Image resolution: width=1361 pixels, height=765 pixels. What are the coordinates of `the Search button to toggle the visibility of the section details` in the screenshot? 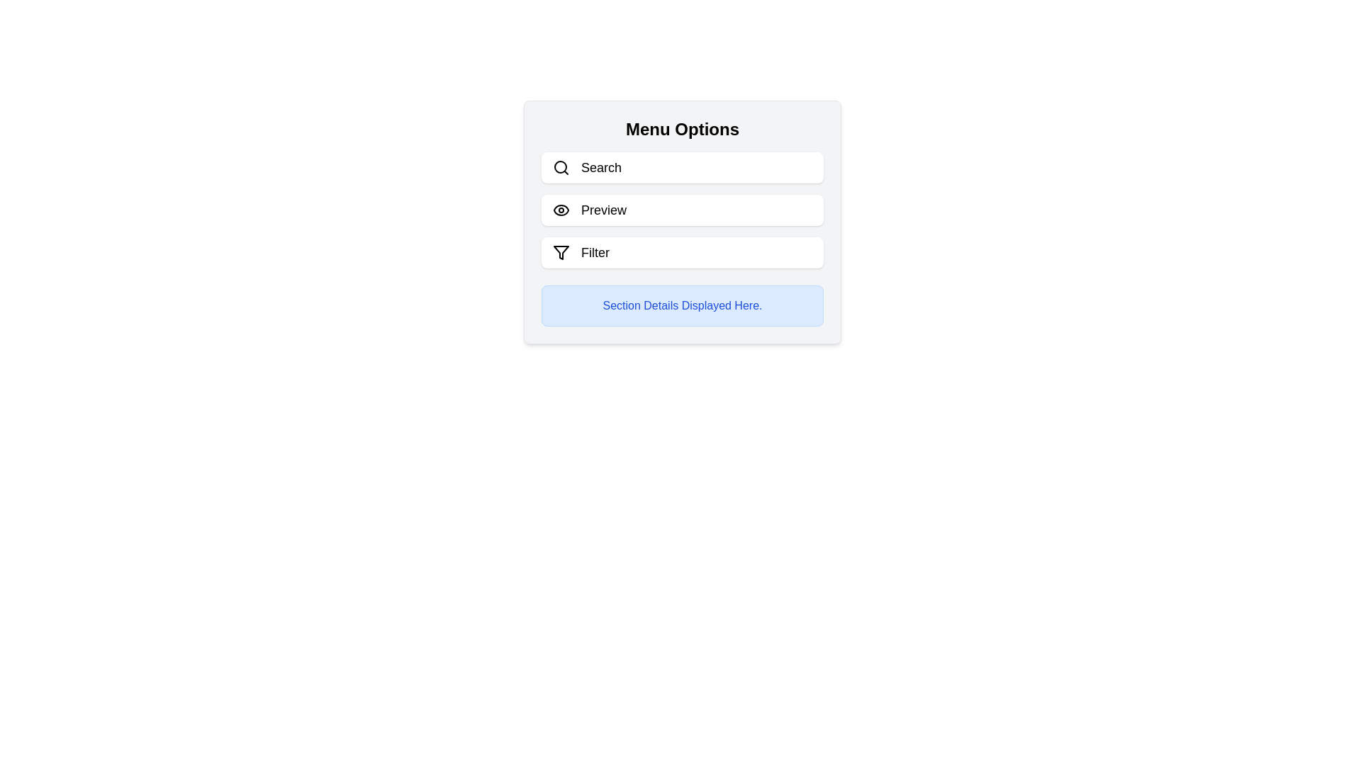 It's located at (683, 166).